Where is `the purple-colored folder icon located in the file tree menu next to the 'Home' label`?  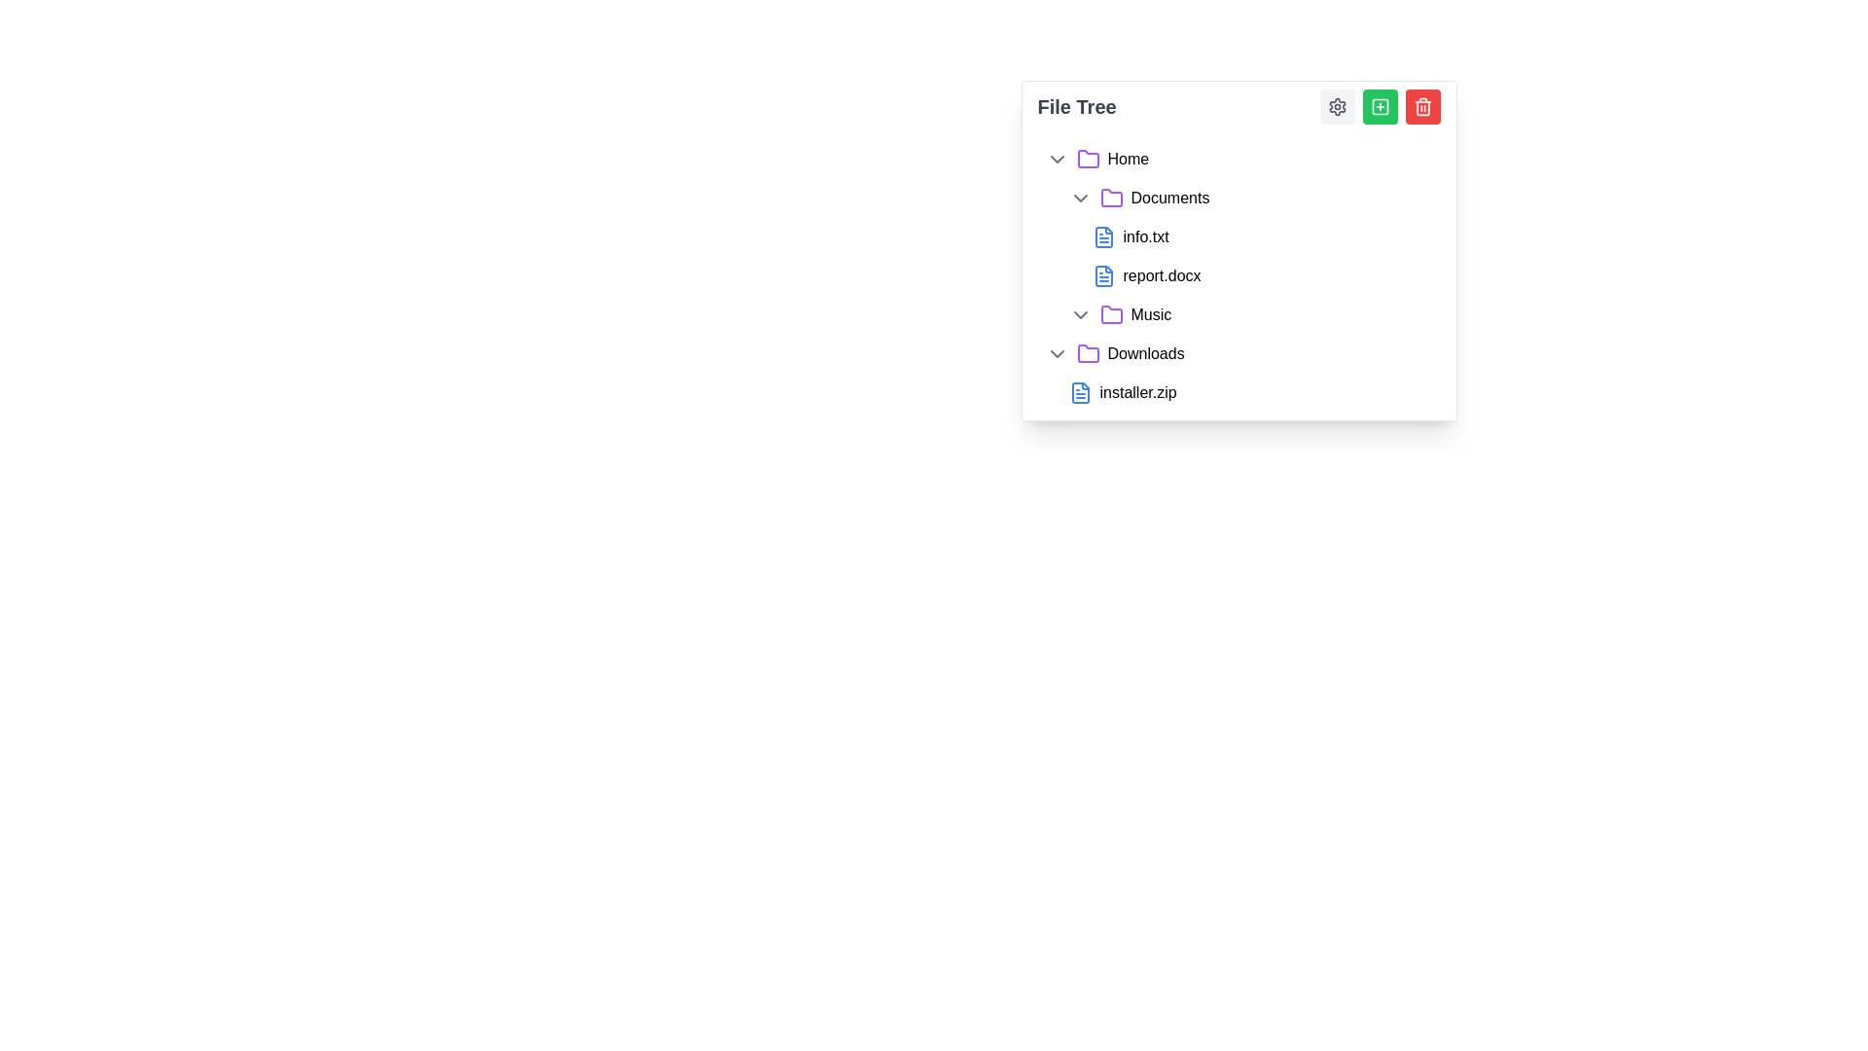 the purple-colored folder icon located in the file tree menu next to the 'Home' label is located at coordinates (1087, 159).